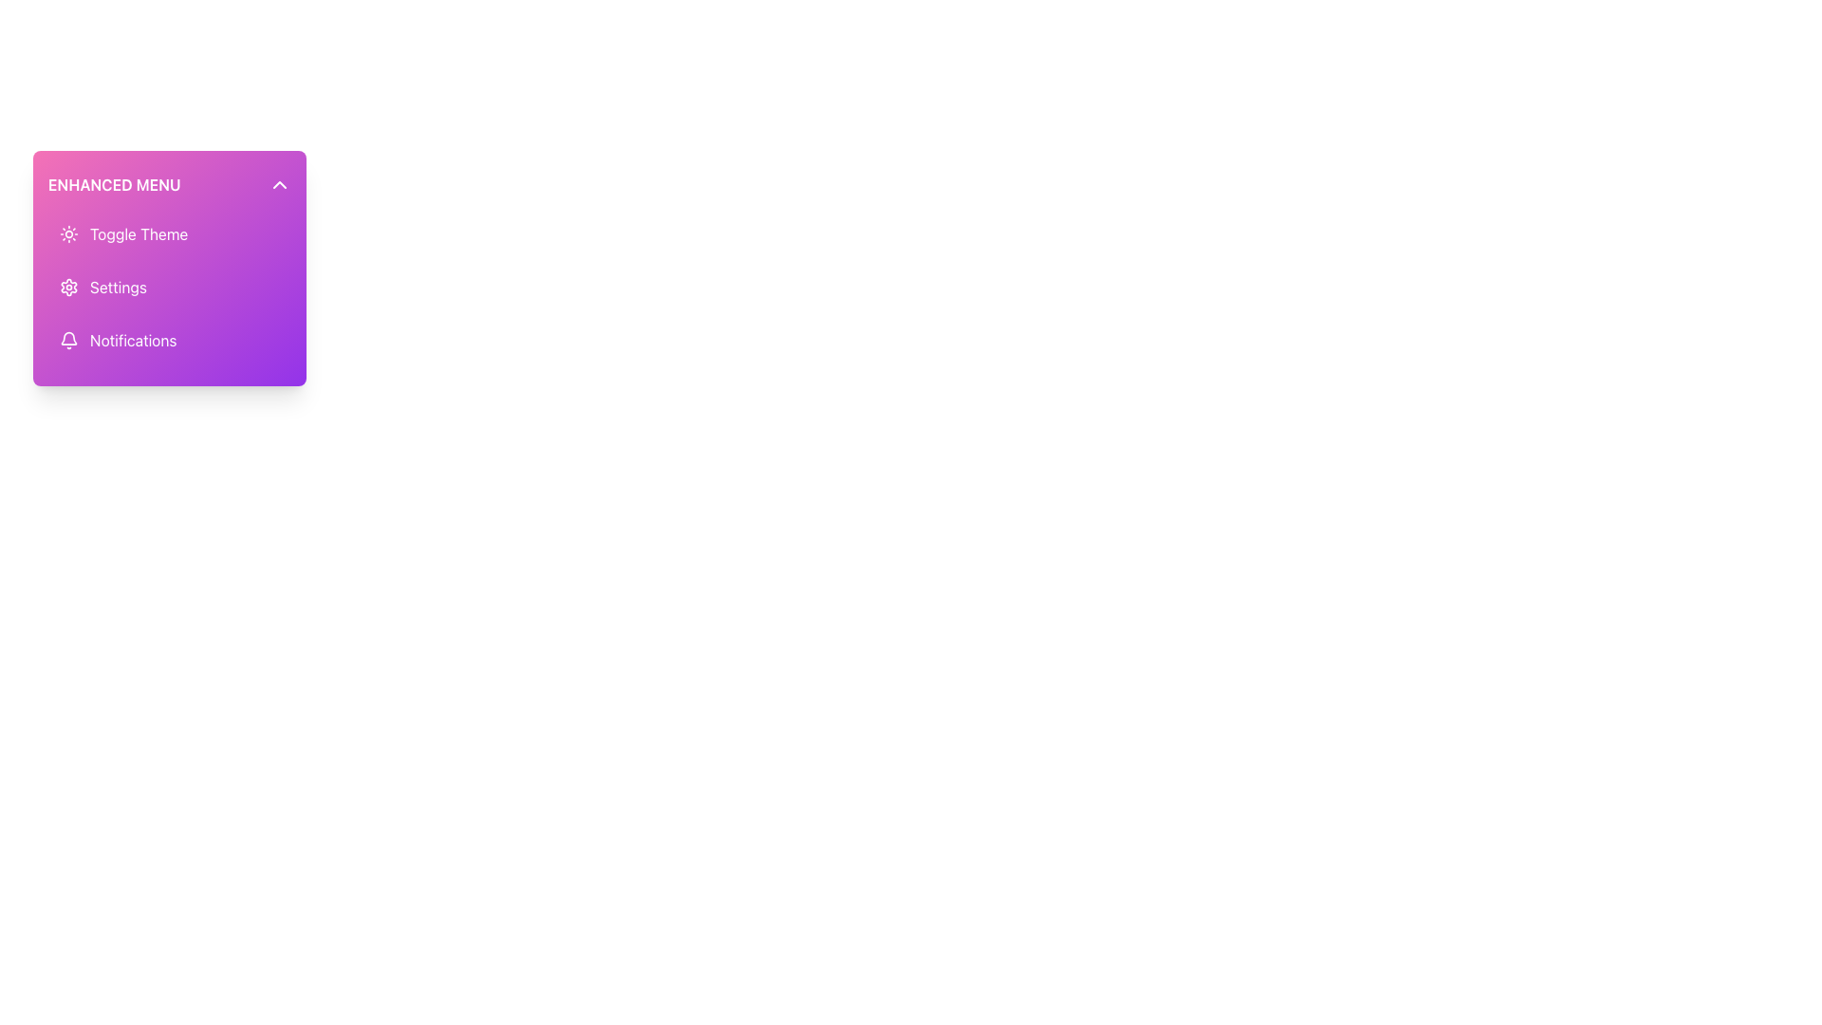 The height and width of the screenshot is (1025, 1822). Describe the element at coordinates (68, 288) in the screenshot. I see `the decorative icon that represents the settings feature, located in the middle segment of the menu list under the 'Enhanced Menu' title, to the left of the label 'Settings'` at that location.